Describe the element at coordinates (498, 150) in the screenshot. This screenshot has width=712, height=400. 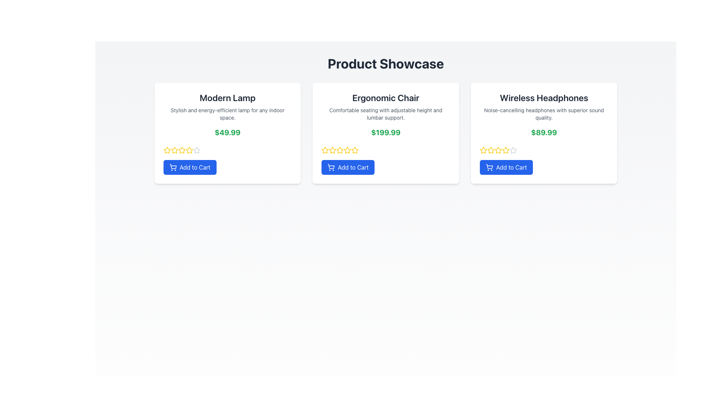
I see `the fourth star icon from the left in the rating system under the 'Wireless Headphones' product` at that location.